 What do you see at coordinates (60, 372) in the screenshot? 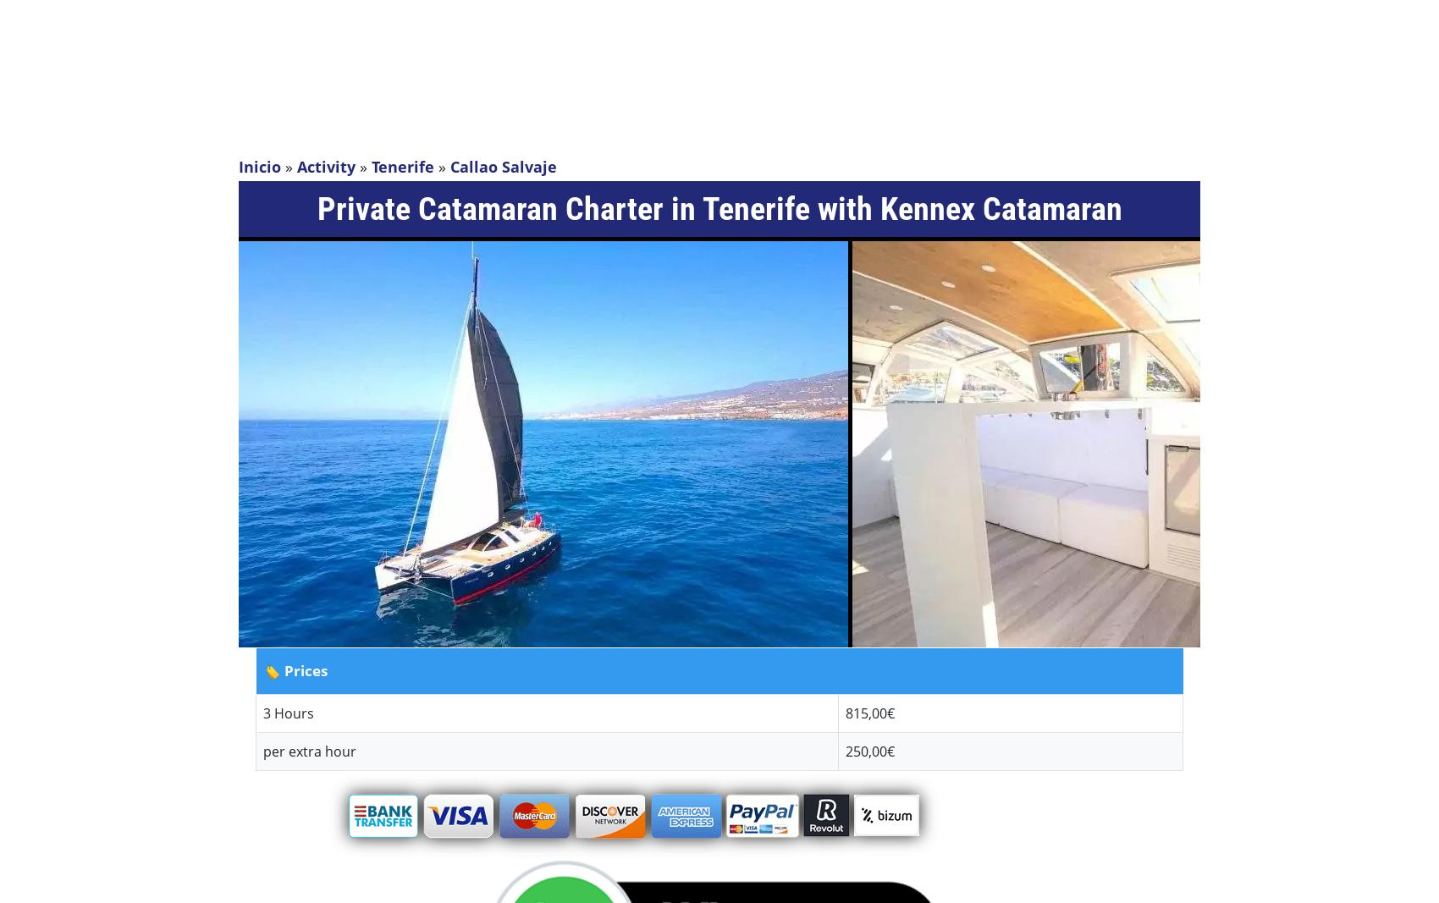
I see `'Romantic'` at bounding box center [60, 372].